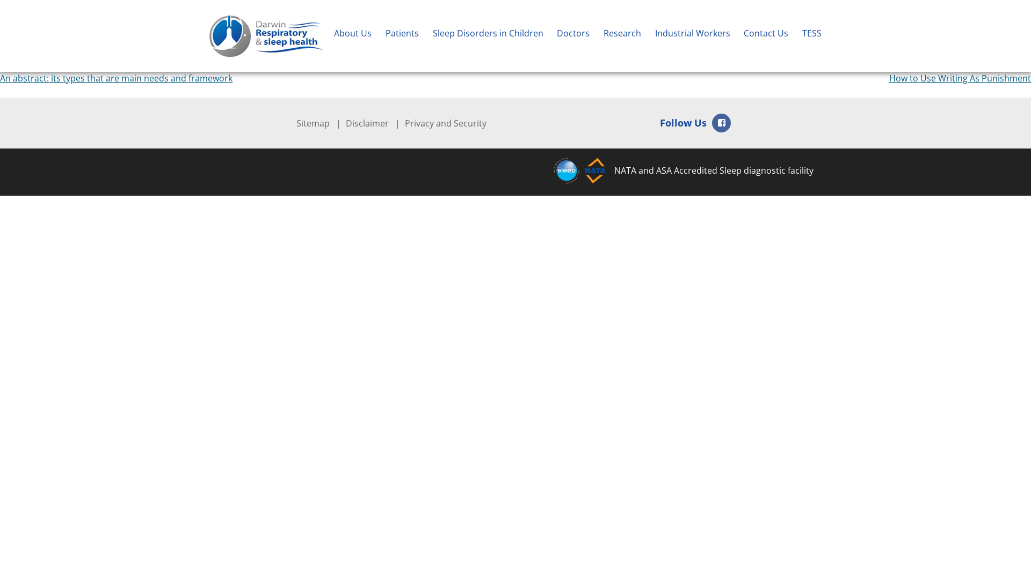 This screenshot has height=579, width=1031. Describe the element at coordinates (401, 35) in the screenshot. I see `'Patients'` at that location.